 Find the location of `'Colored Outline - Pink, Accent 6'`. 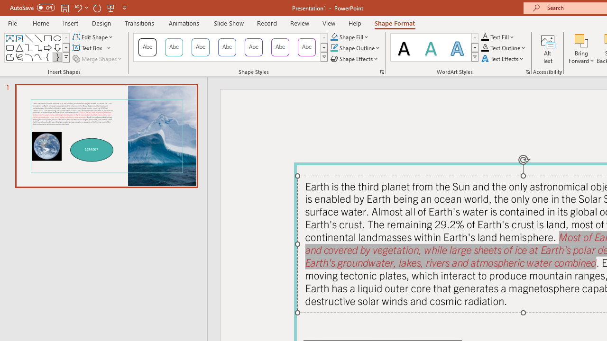

'Colored Outline - Pink, Accent 6' is located at coordinates (307, 47).